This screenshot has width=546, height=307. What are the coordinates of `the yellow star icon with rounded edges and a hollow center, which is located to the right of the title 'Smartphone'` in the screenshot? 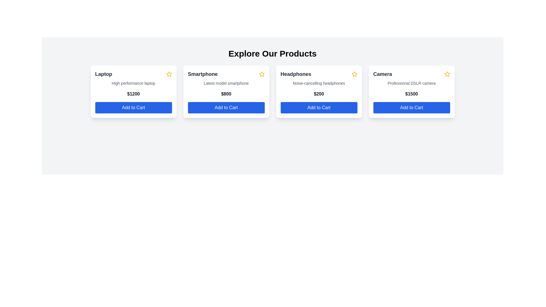 It's located at (261, 74).